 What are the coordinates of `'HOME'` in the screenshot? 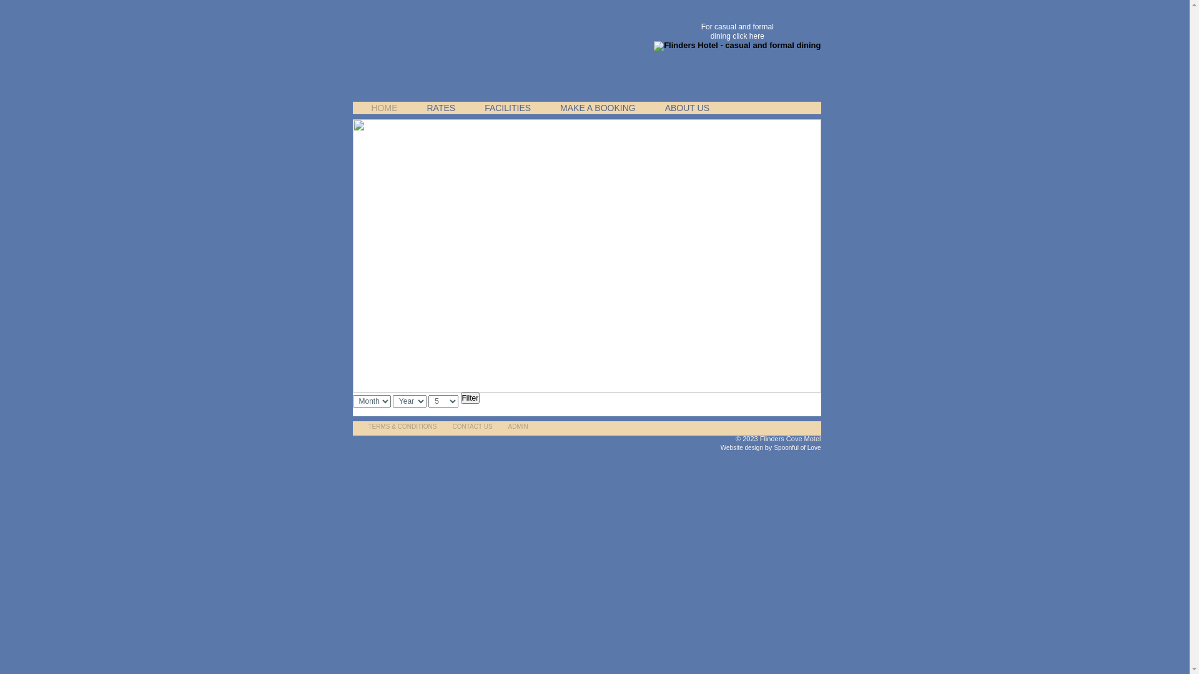 It's located at (380, 107).